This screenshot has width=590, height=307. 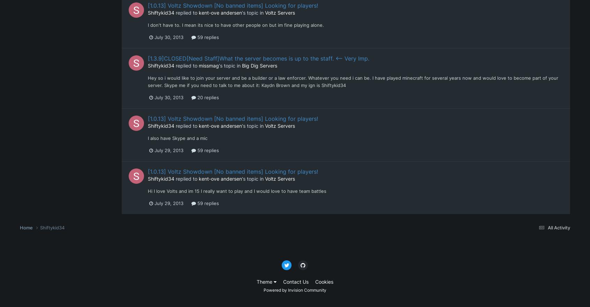 What do you see at coordinates (558, 228) in the screenshot?
I see `'All Activity'` at bounding box center [558, 228].